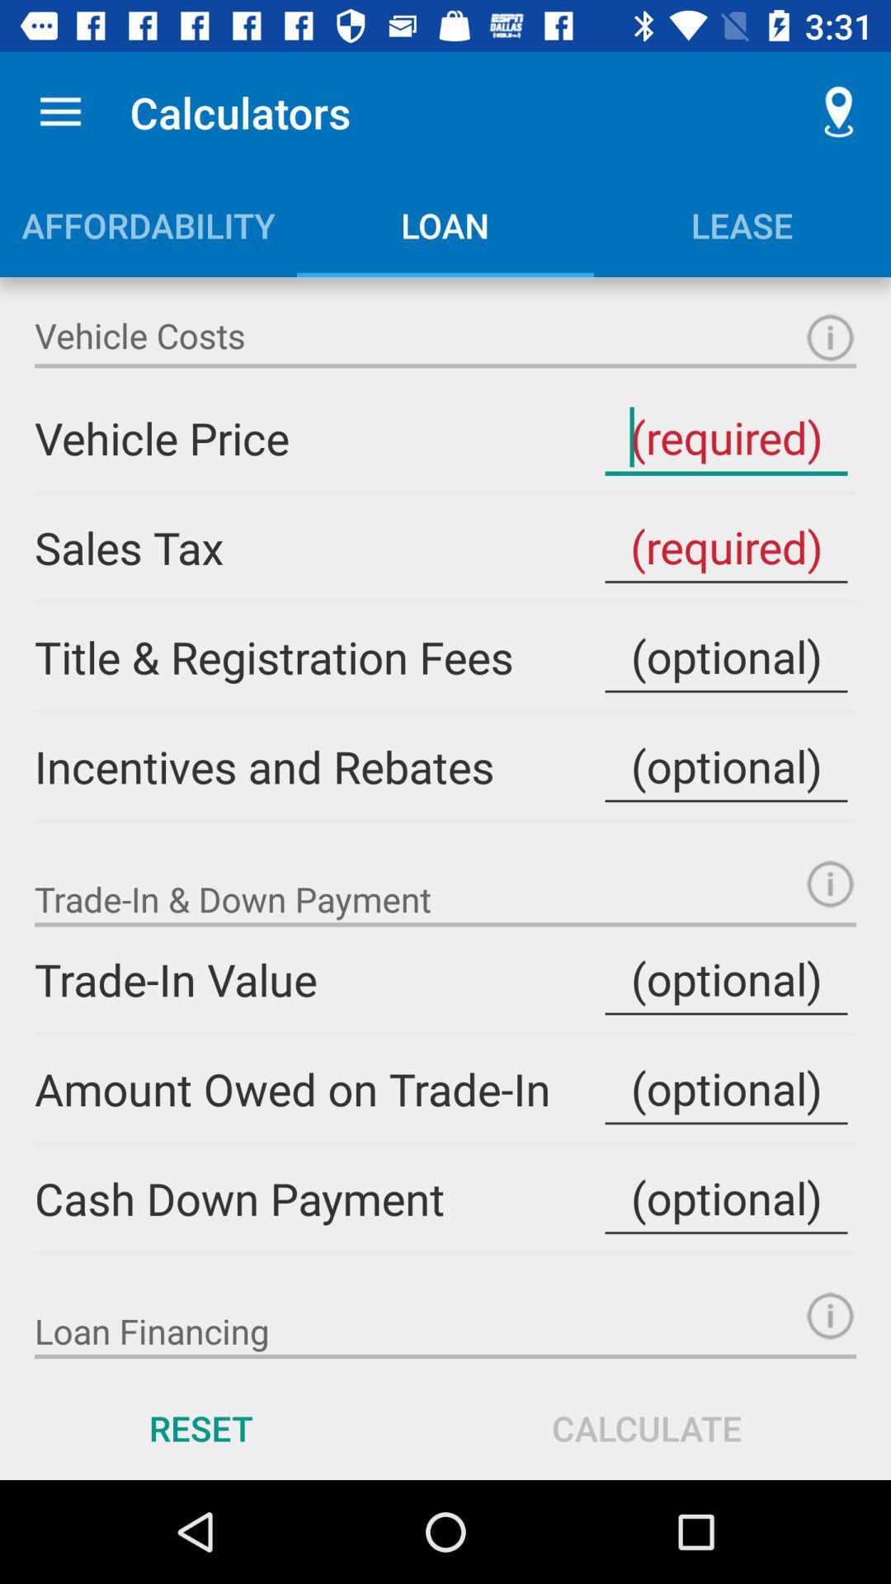 Image resolution: width=891 pixels, height=1584 pixels. What do you see at coordinates (725, 656) in the screenshot?
I see `input field` at bounding box center [725, 656].